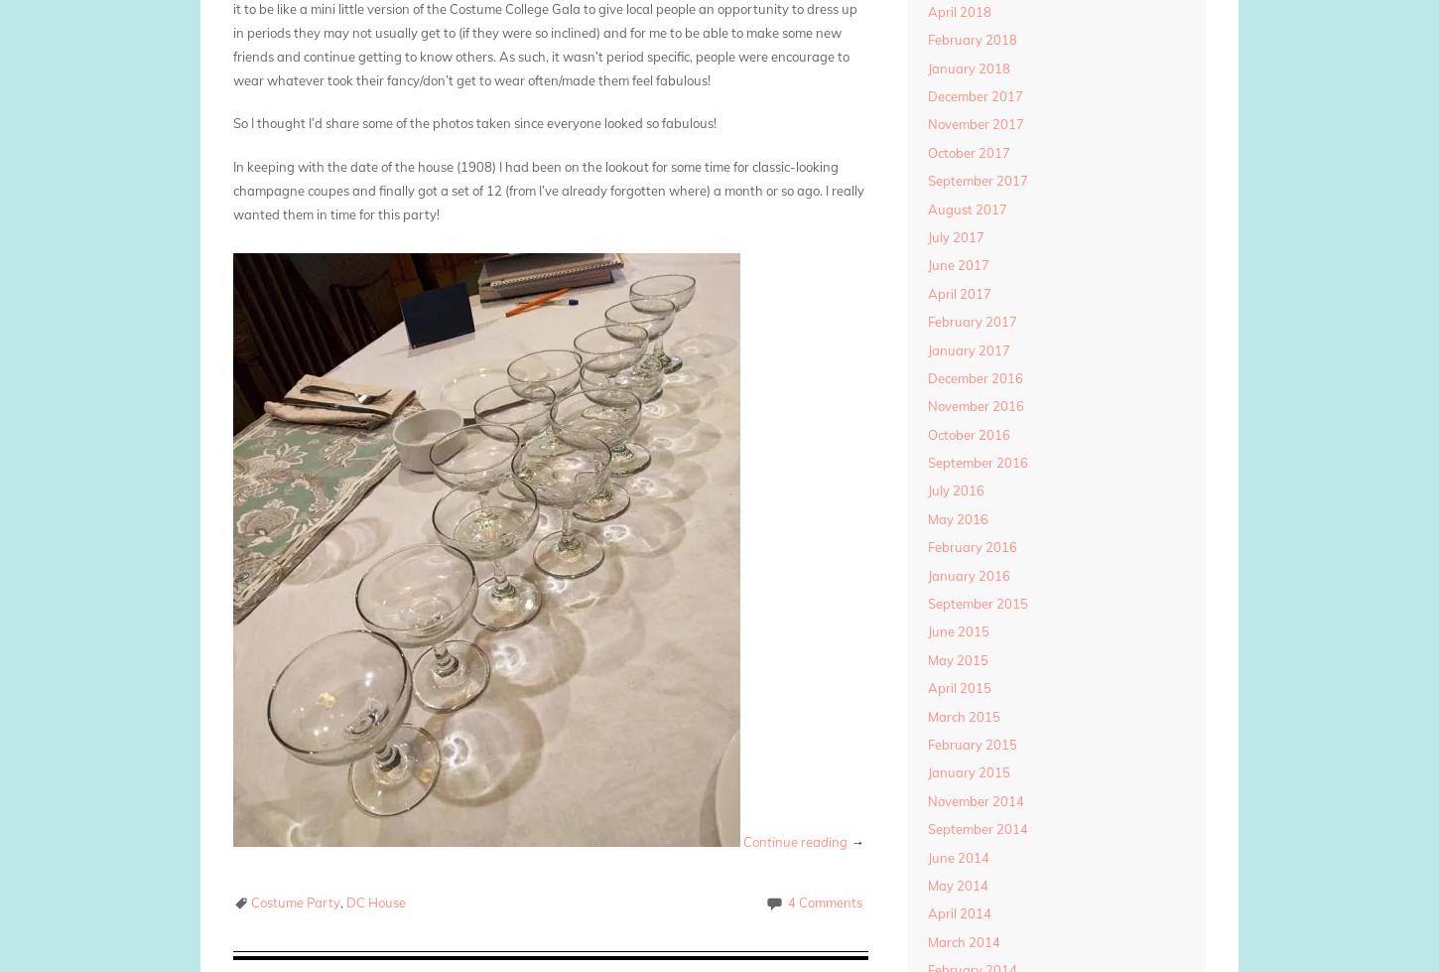 The height and width of the screenshot is (972, 1439). I want to click on 'December 2017', so click(974, 96).